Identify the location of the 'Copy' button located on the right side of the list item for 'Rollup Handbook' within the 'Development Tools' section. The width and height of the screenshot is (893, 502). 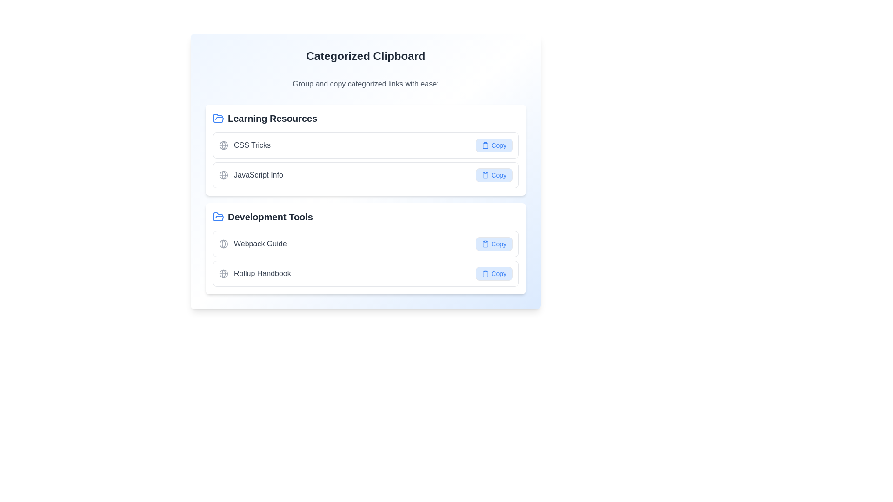
(365, 273).